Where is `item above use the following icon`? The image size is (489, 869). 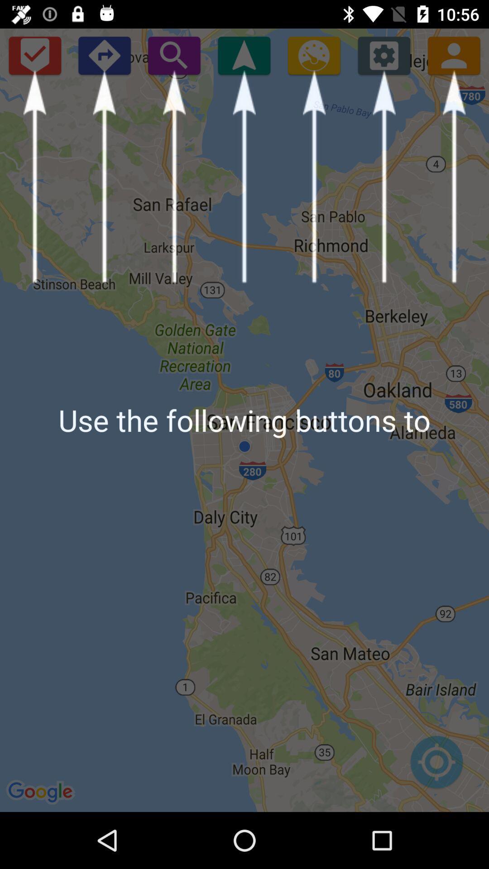
item above use the following icon is located at coordinates (104, 55).